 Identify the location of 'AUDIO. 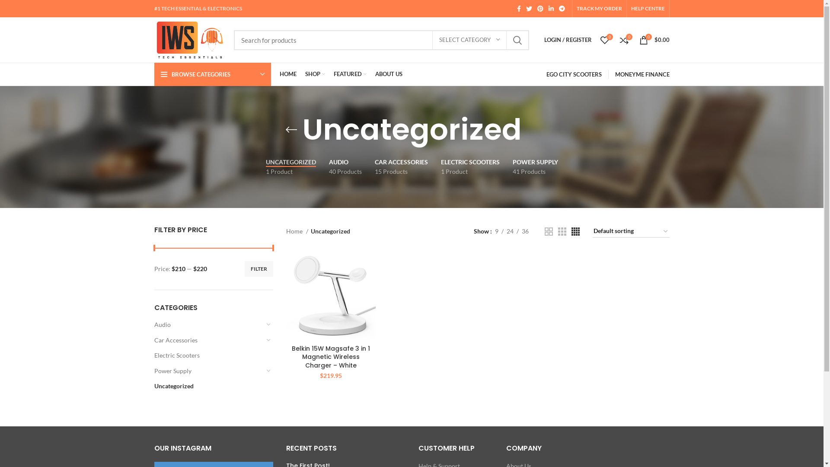
(345, 167).